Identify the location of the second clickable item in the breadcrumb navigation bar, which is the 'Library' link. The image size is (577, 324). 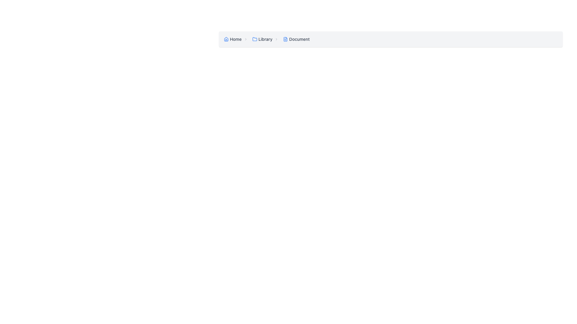
(266, 39).